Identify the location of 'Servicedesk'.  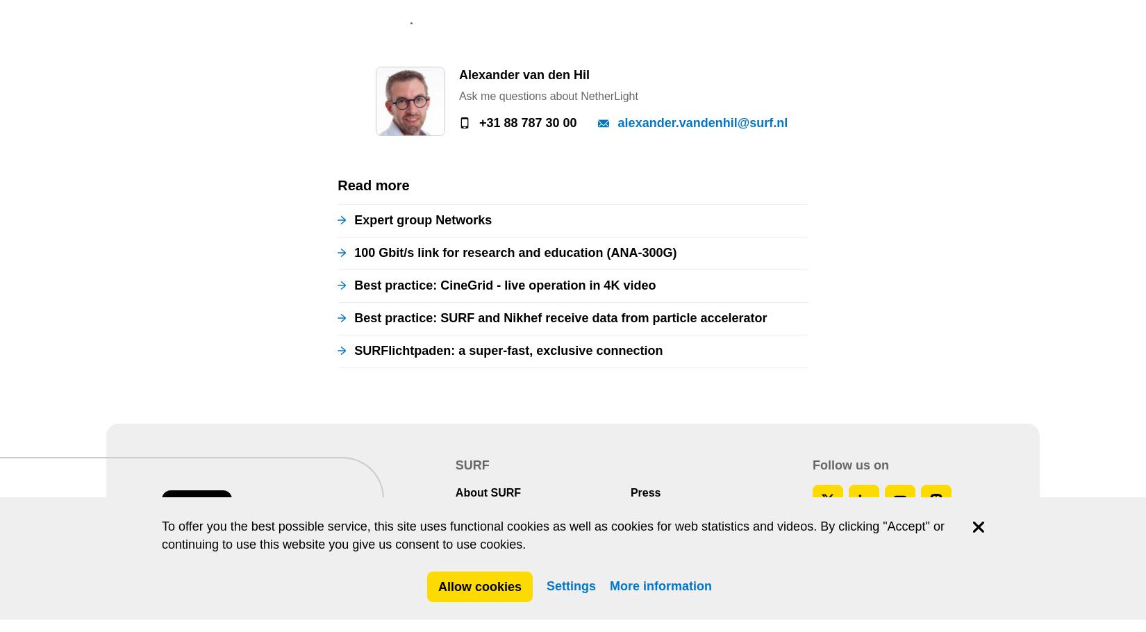
(663, 20).